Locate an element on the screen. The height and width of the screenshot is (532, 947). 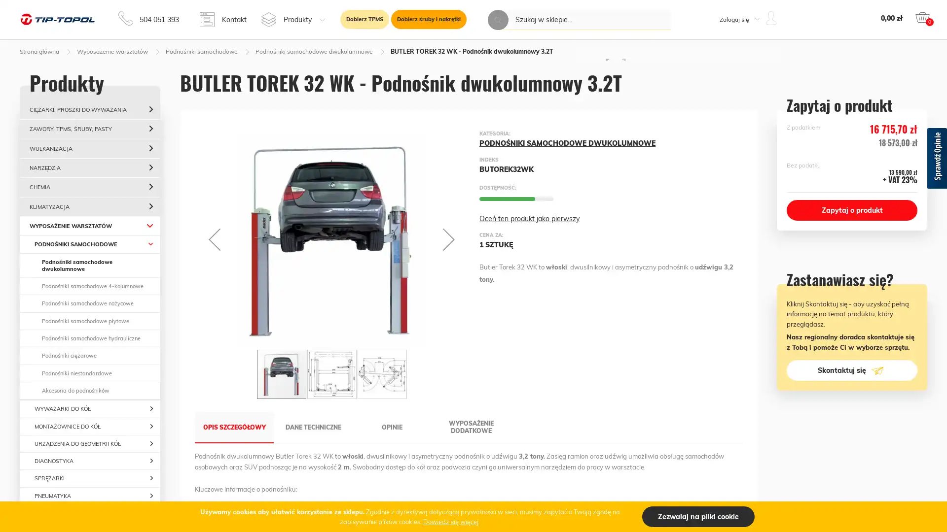
Zaloguj sie is located at coordinates (730, 126).